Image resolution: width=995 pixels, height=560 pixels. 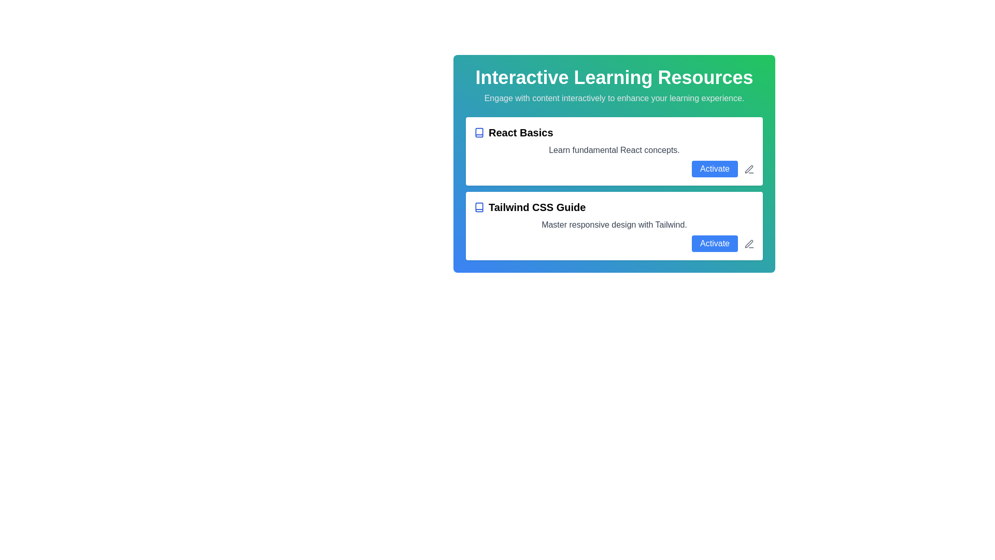 What do you see at coordinates (749, 244) in the screenshot?
I see `the pen icon located in the second row of the interactive panel, to the right of the 'Activate' button for the 'Tailwind CSS Guide' card` at bounding box center [749, 244].